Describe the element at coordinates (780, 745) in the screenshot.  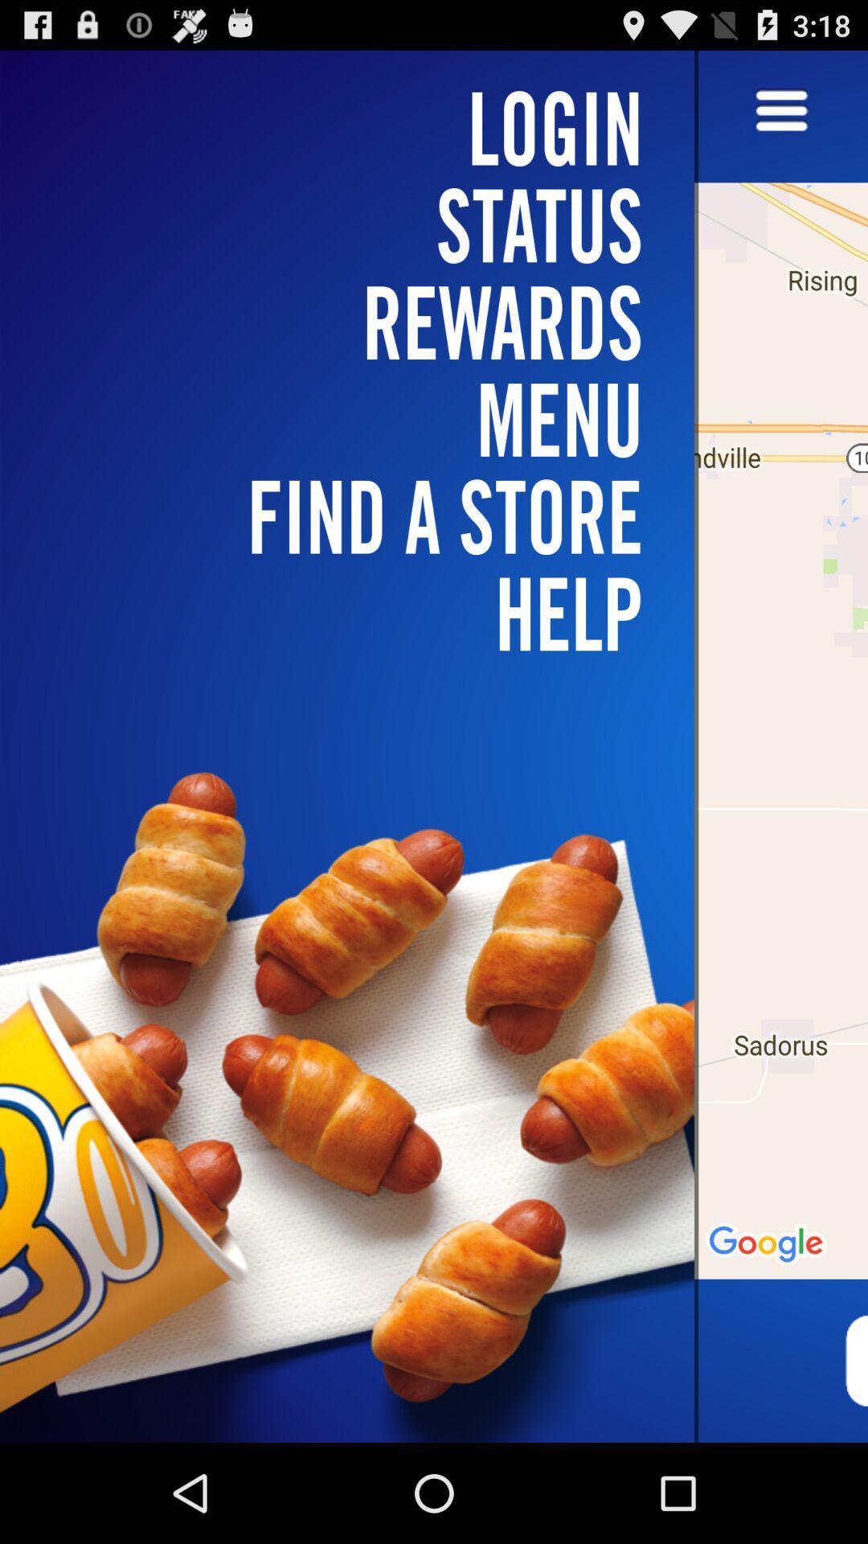
I see `interactive map` at that location.